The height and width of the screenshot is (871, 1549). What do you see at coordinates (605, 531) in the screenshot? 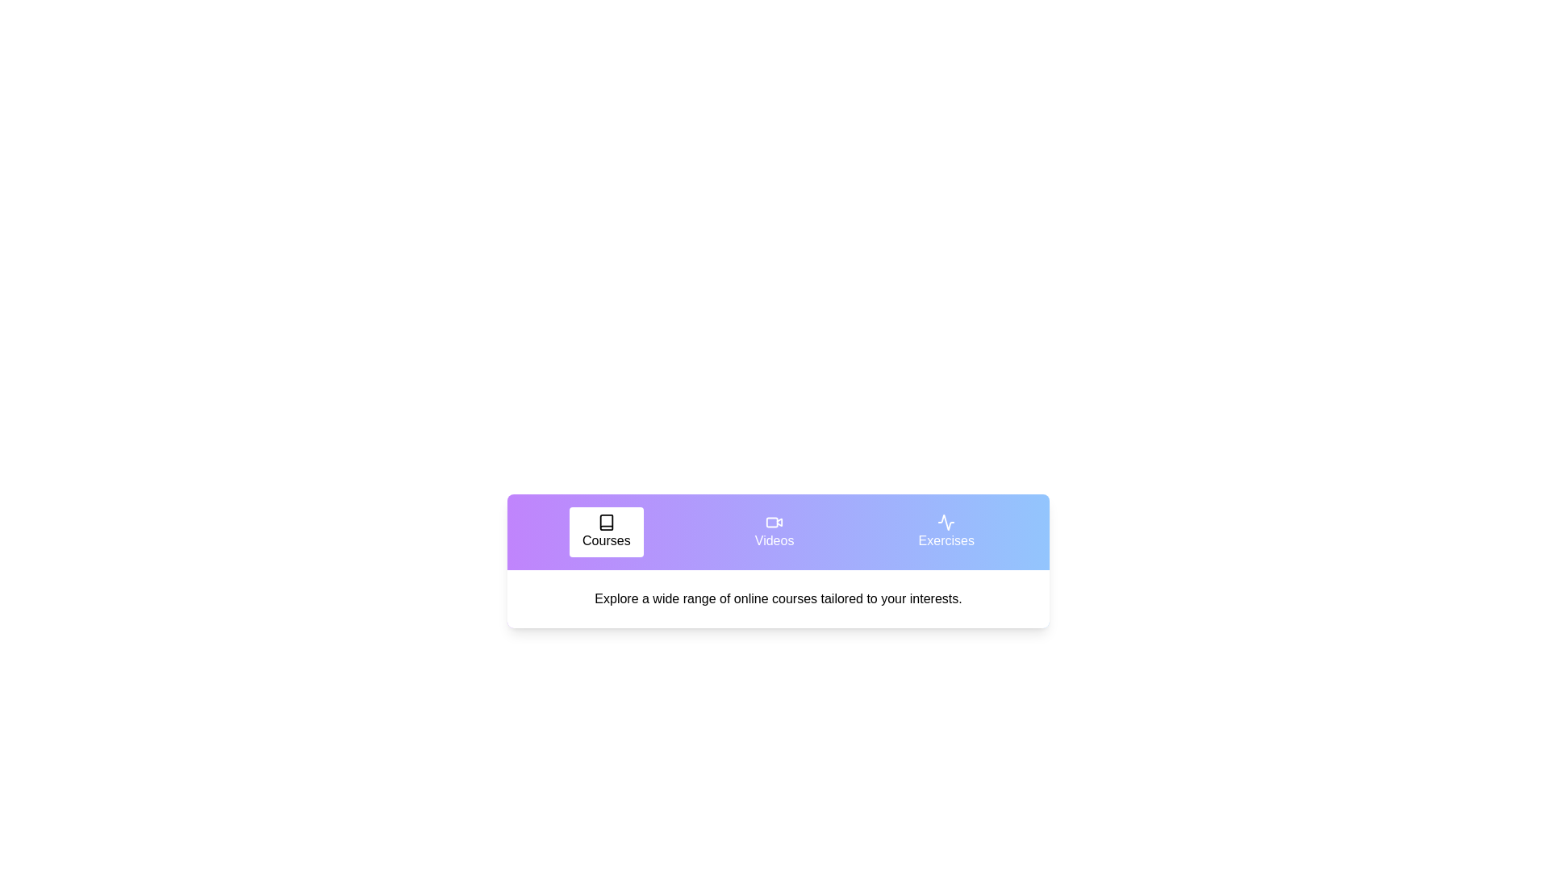
I see `the tab labeled Courses` at bounding box center [605, 531].